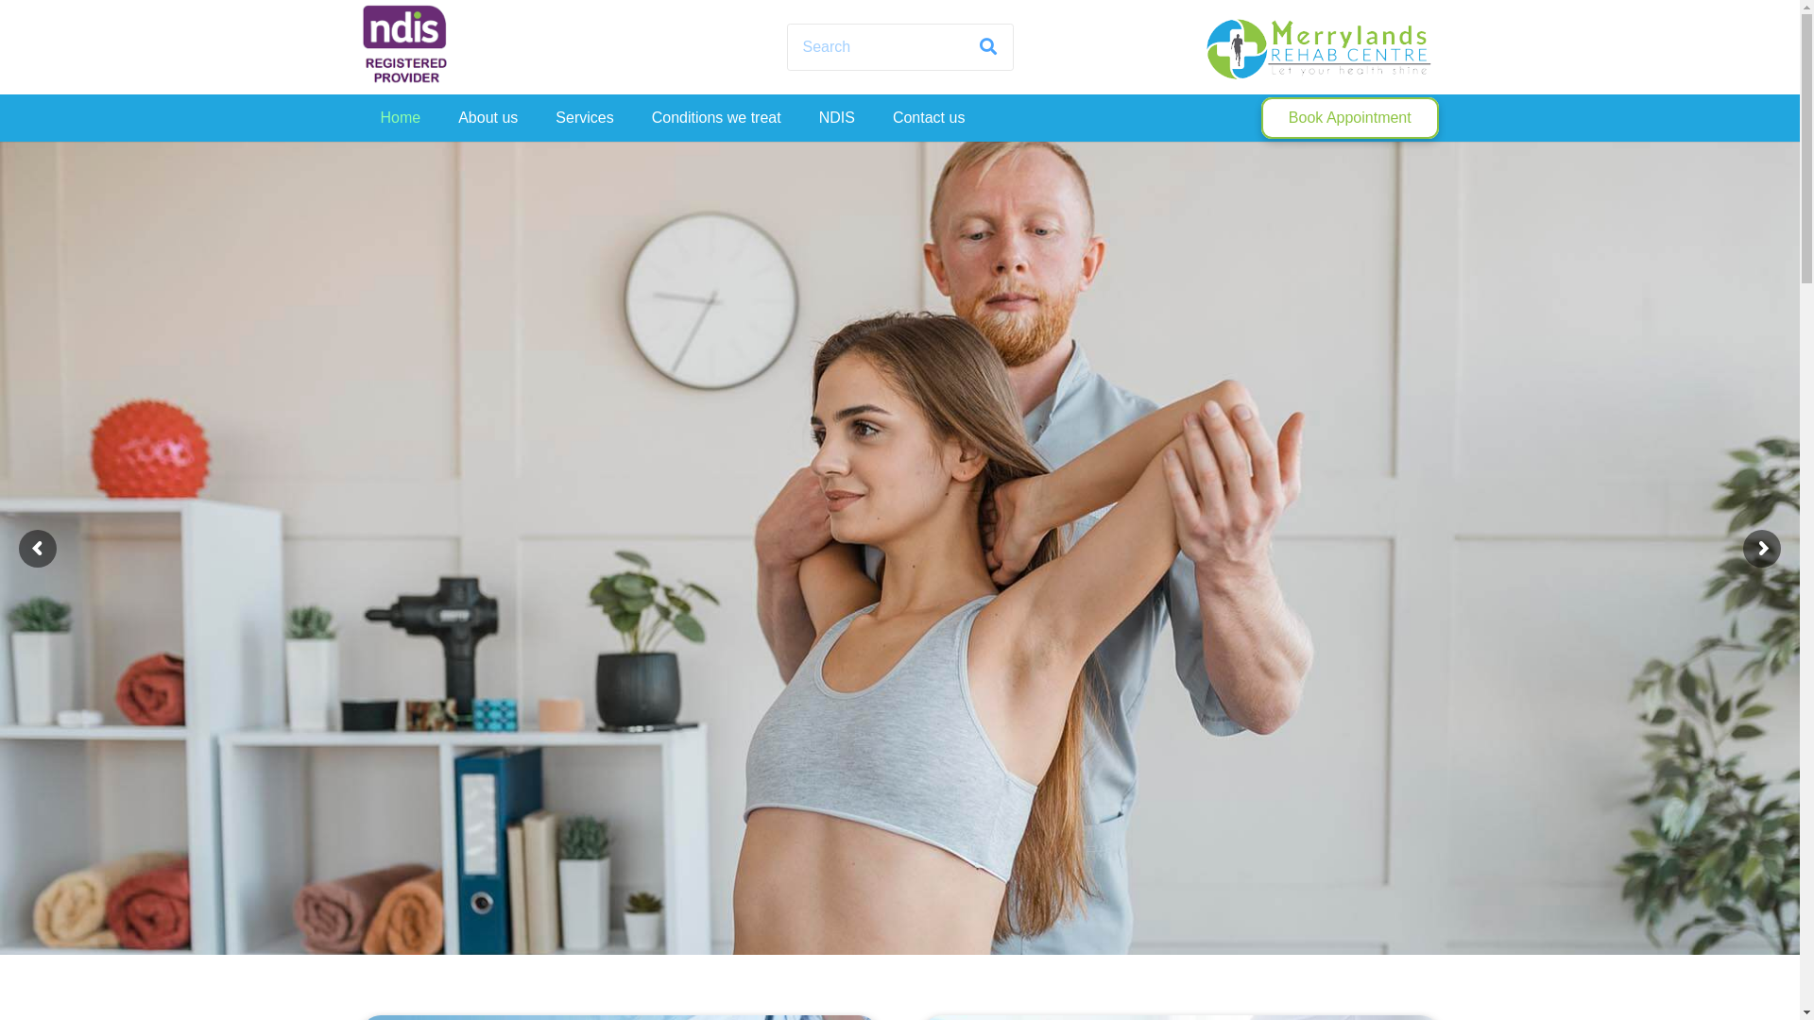 The image size is (1814, 1020). I want to click on 'Book Appointment', so click(1348, 118).